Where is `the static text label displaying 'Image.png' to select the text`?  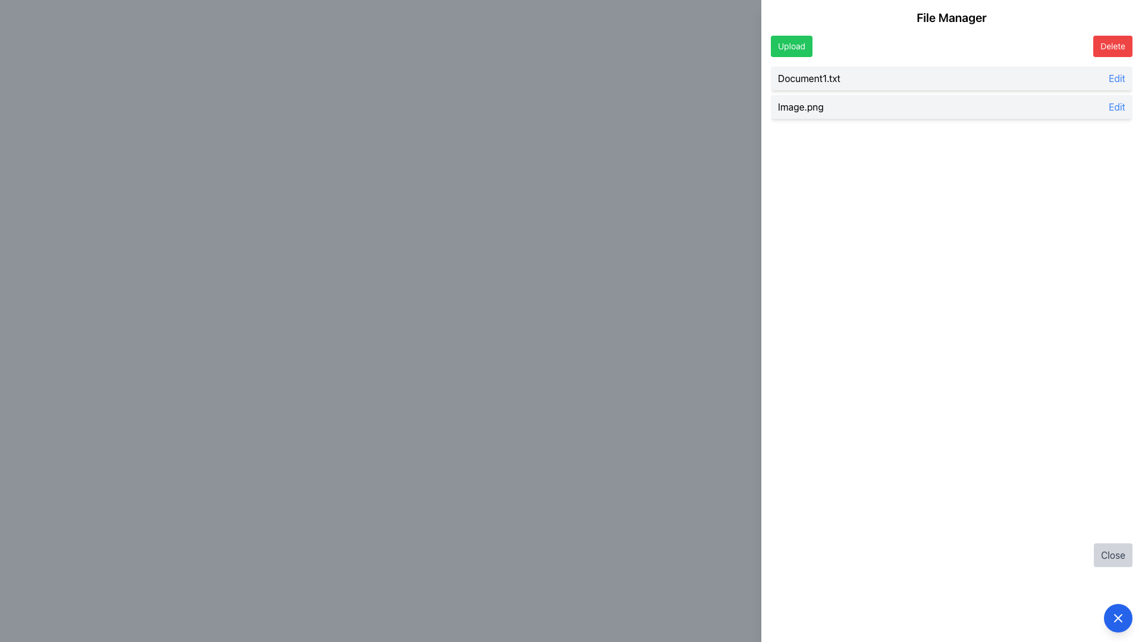 the static text label displaying 'Image.png' to select the text is located at coordinates (800, 107).